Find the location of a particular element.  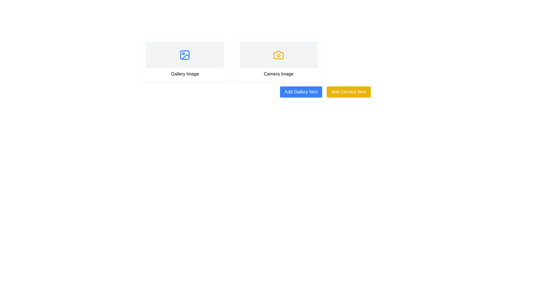

the rounded rectangle element nested within the blue image icon in the 'Gallery Image' card, which is located at the top-left corner of the interface is located at coordinates (185, 55).